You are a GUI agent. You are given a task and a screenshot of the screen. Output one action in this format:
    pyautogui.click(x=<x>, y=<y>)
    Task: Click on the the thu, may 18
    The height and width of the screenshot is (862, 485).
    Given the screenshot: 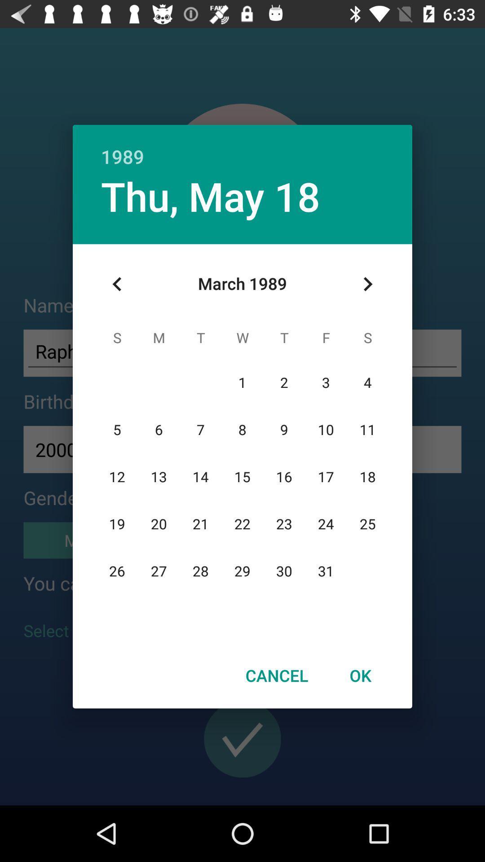 What is the action you would take?
    pyautogui.click(x=211, y=195)
    